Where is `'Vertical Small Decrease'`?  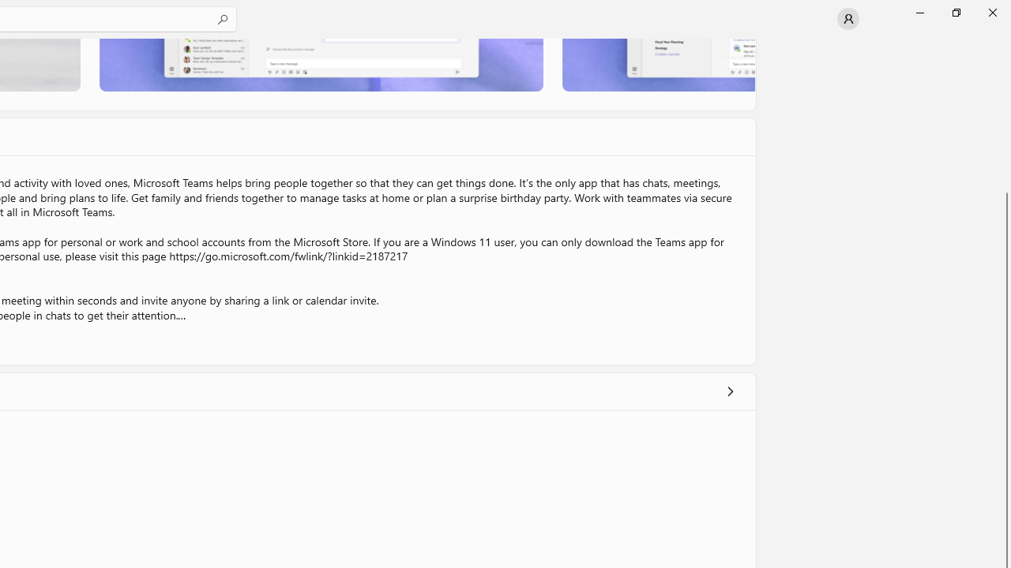 'Vertical Small Decrease' is located at coordinates (1004, 43).